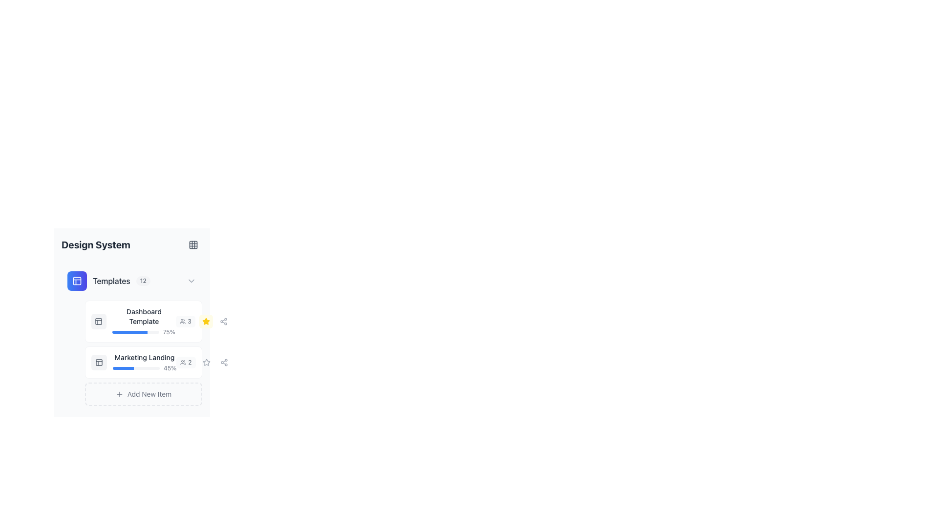  I want to click on the share icon, which resembles three circles connected by lines and is located to the right of the star icon adjacent to the 'Marketing Landing' item, so click(223, 322).